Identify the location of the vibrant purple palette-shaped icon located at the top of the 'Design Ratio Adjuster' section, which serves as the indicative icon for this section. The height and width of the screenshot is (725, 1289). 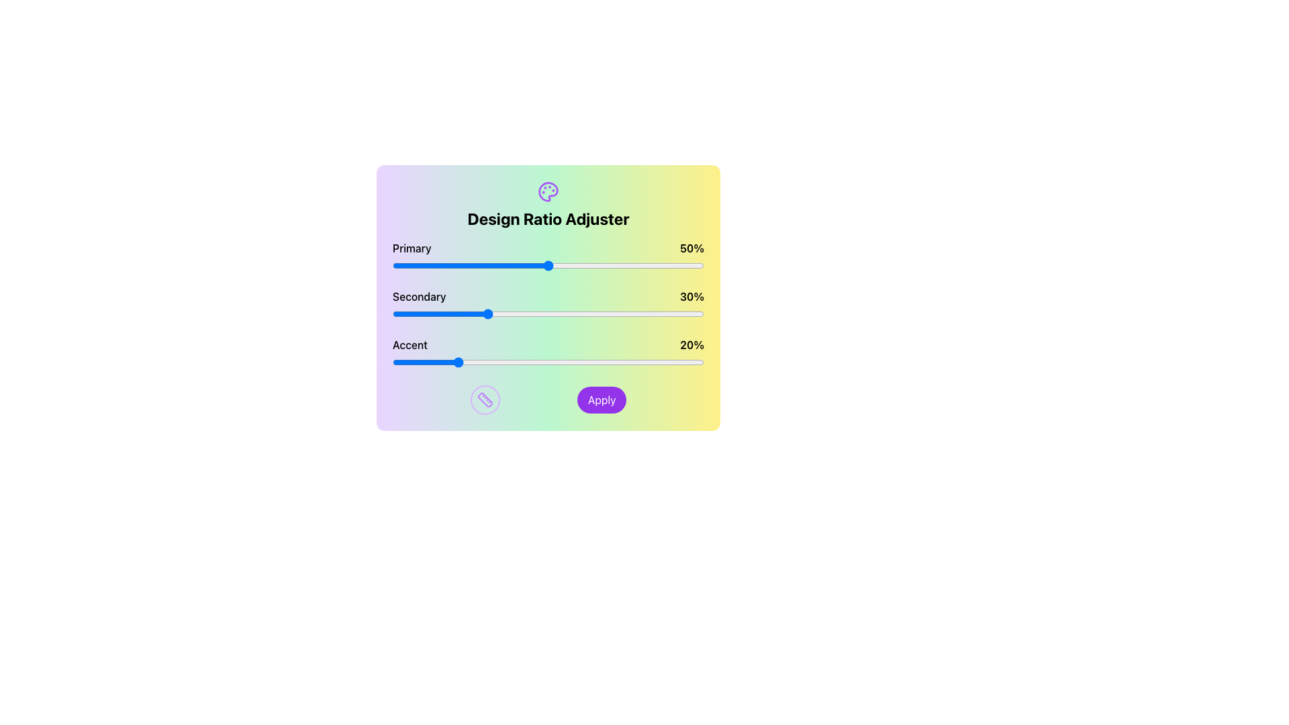
(548, 191).